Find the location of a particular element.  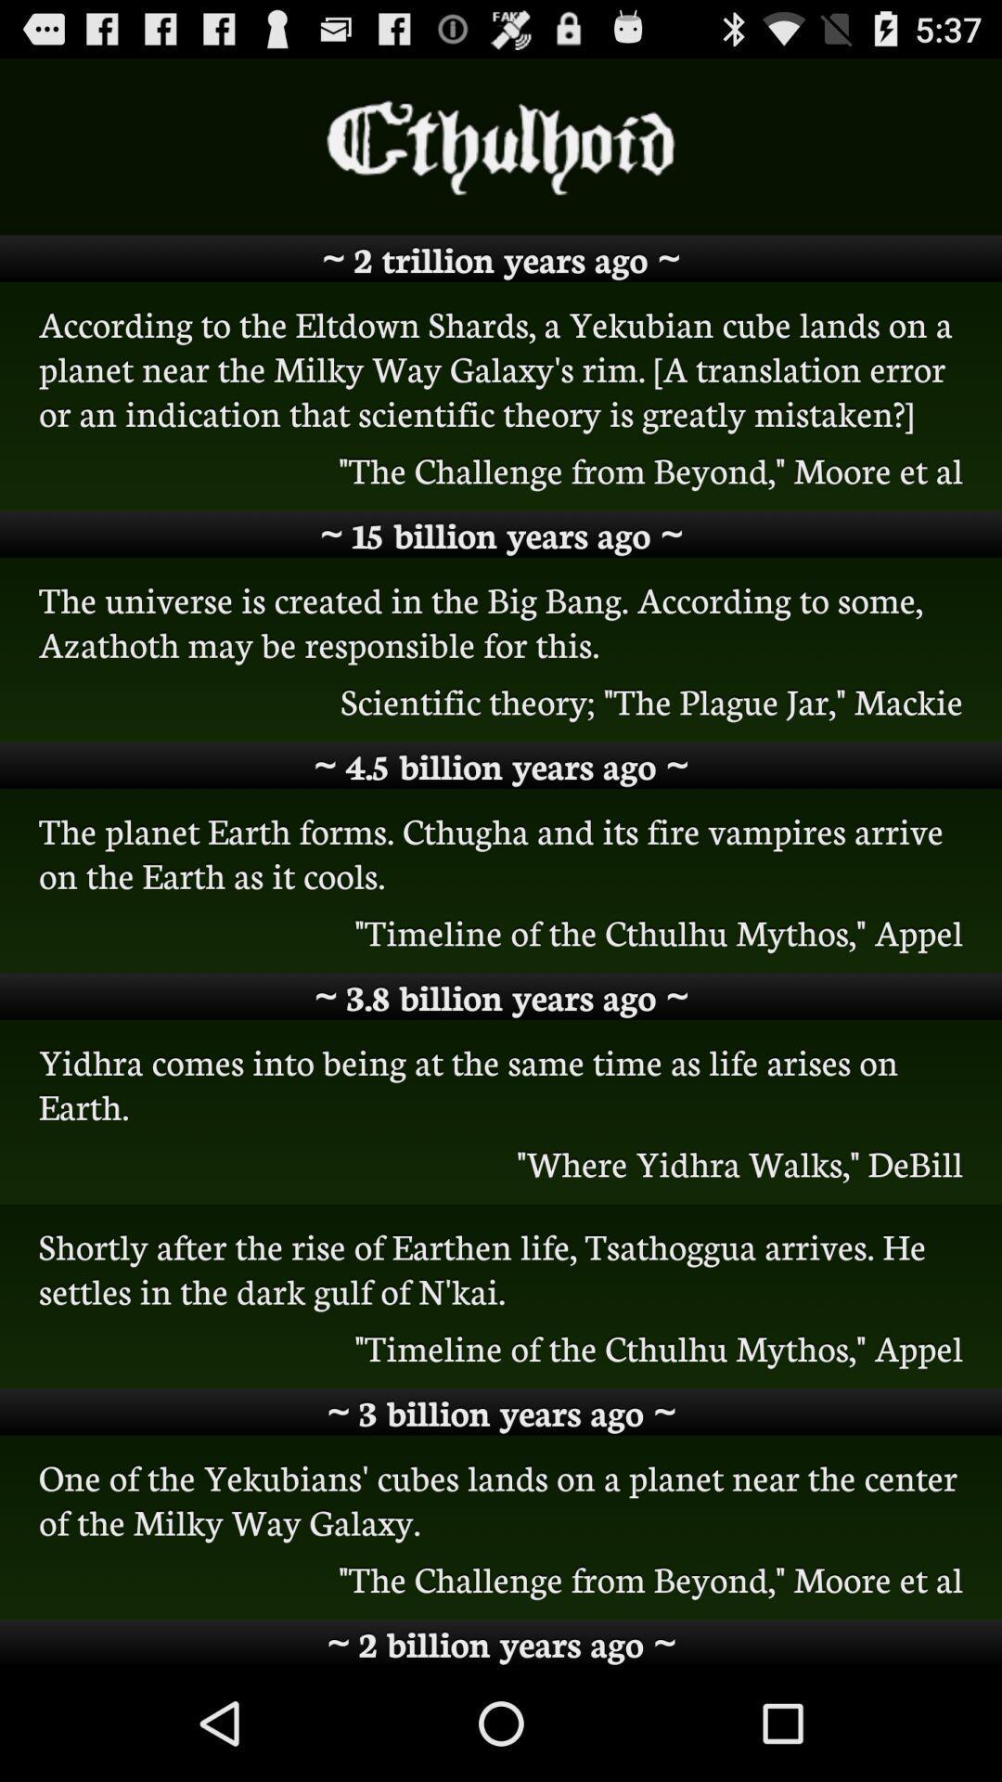

3 8 billion is located at coordinates (501, 996).